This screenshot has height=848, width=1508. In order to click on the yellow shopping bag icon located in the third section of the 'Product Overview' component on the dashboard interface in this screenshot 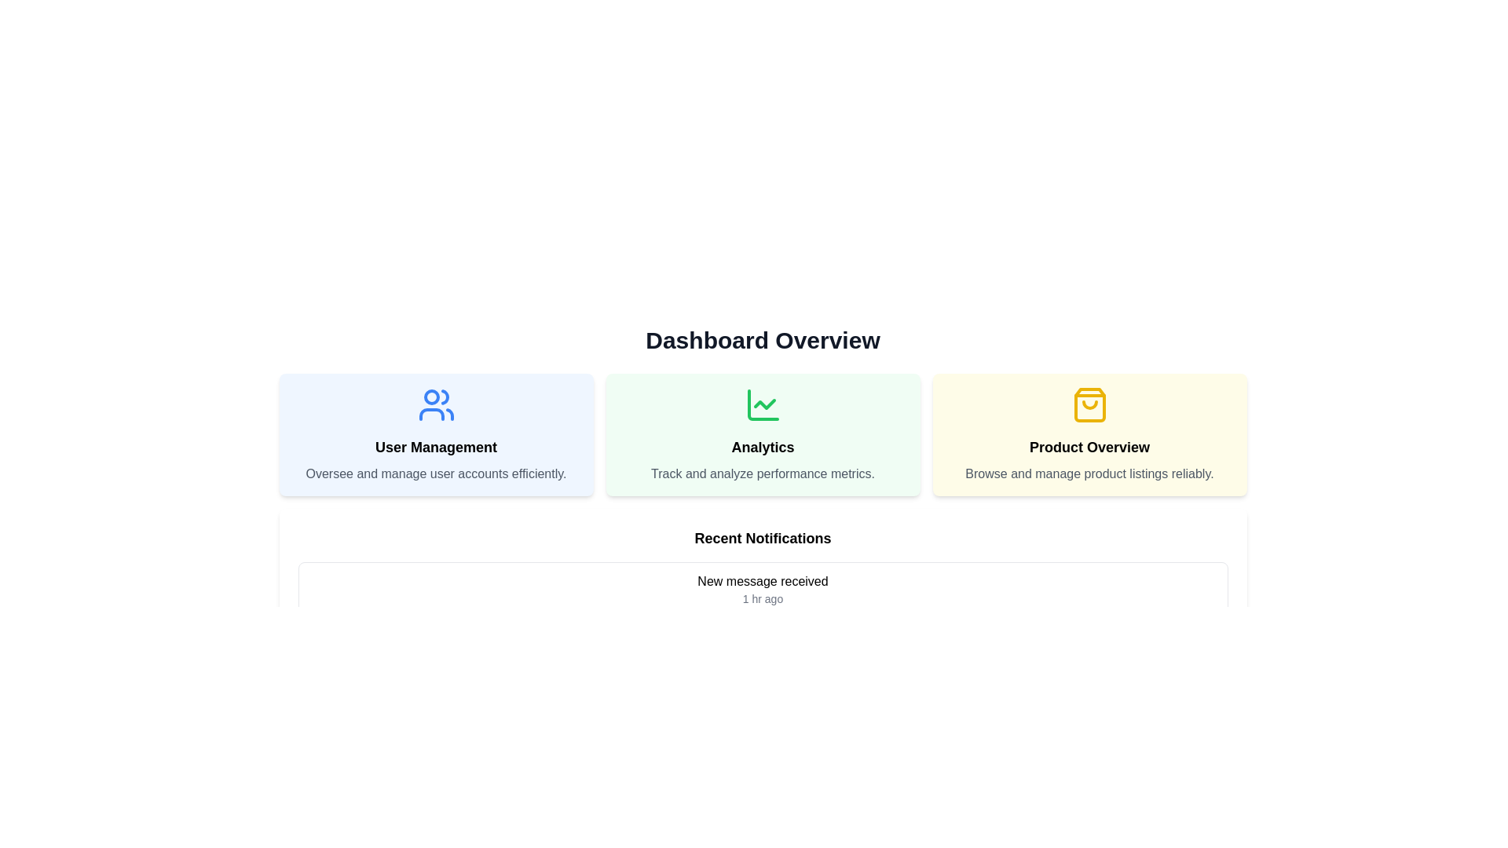, I will do `click(1089, 404)`.